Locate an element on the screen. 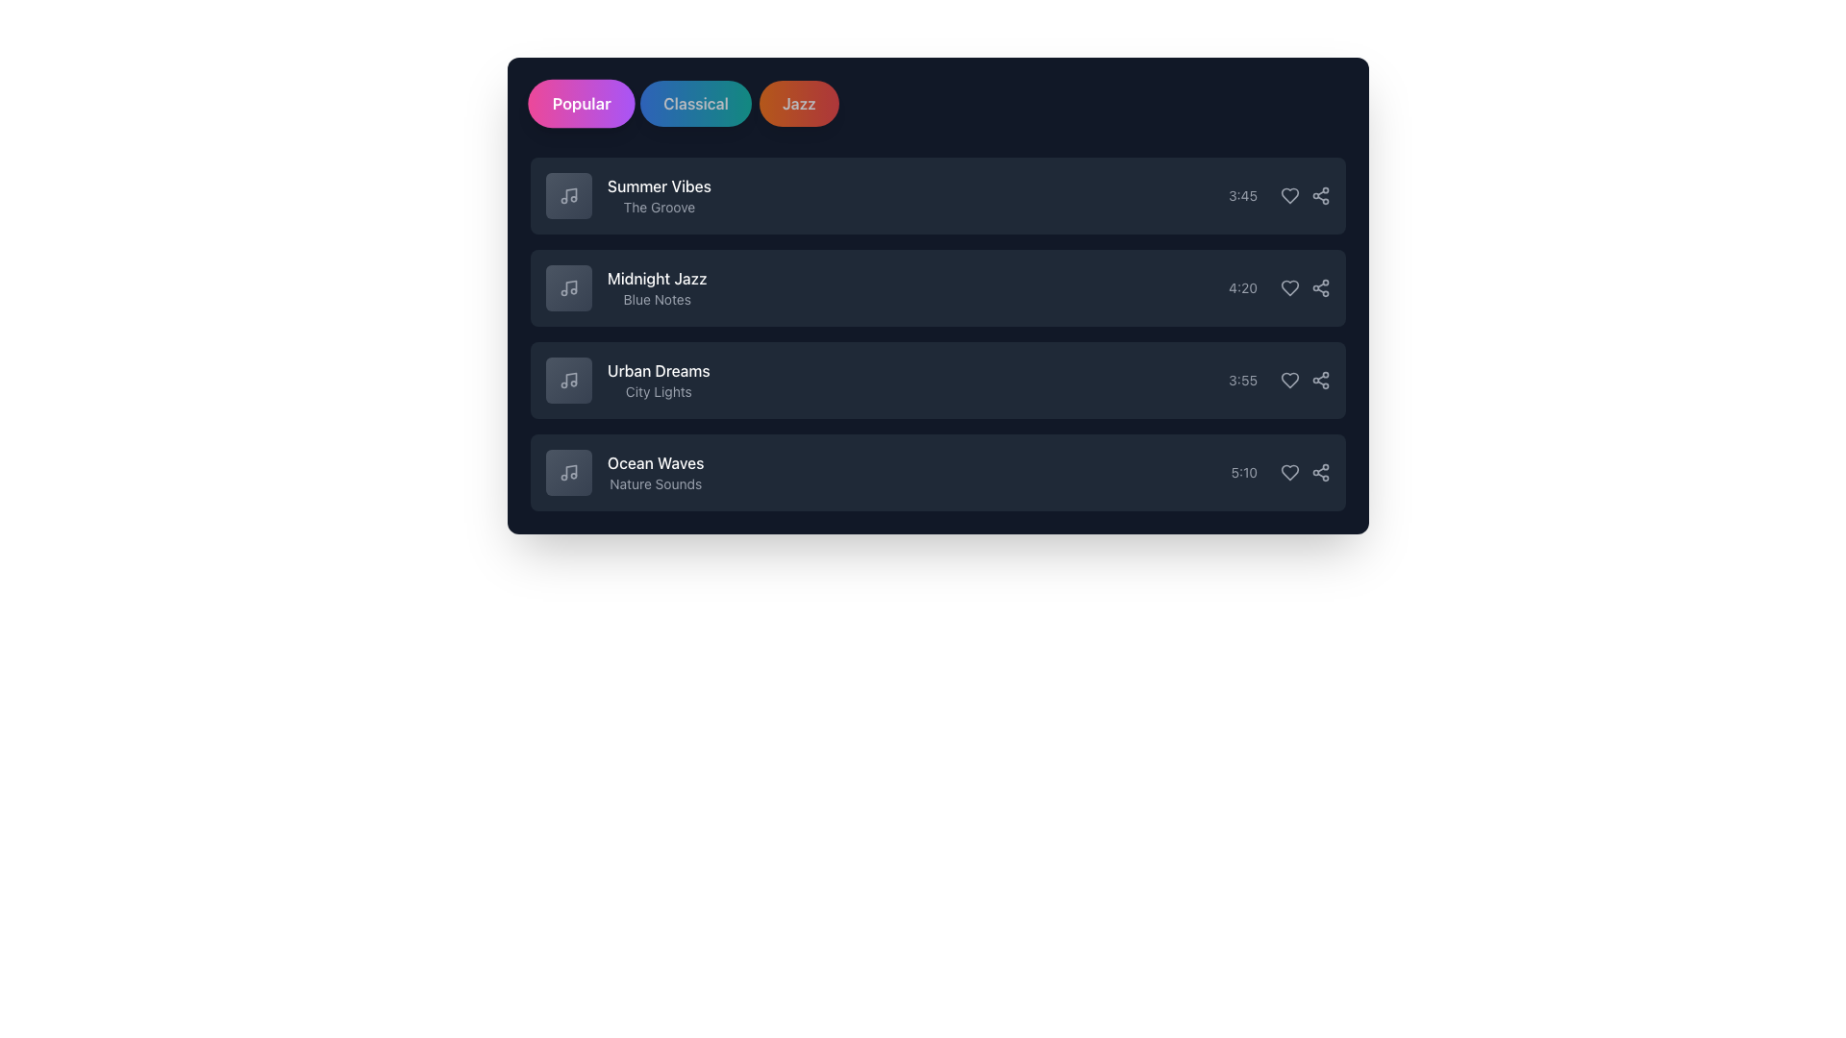 Image resolution: width=1846 pixels, height=1038 pixels. the static textual label representing the primary title of the fourth track in the audio items list, located above the text 'Nature Sounds' is located at coordinates (656, 463).